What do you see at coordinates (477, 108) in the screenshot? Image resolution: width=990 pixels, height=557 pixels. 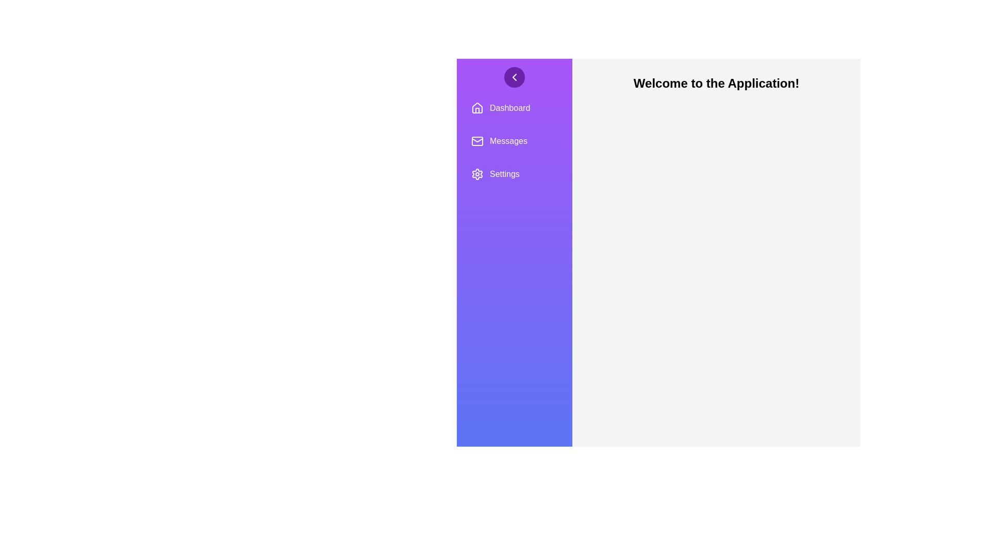 I see `the house icon located in the purple vertical sidebar next to the 'Dashboard' text` at bounding box center [477, 108].